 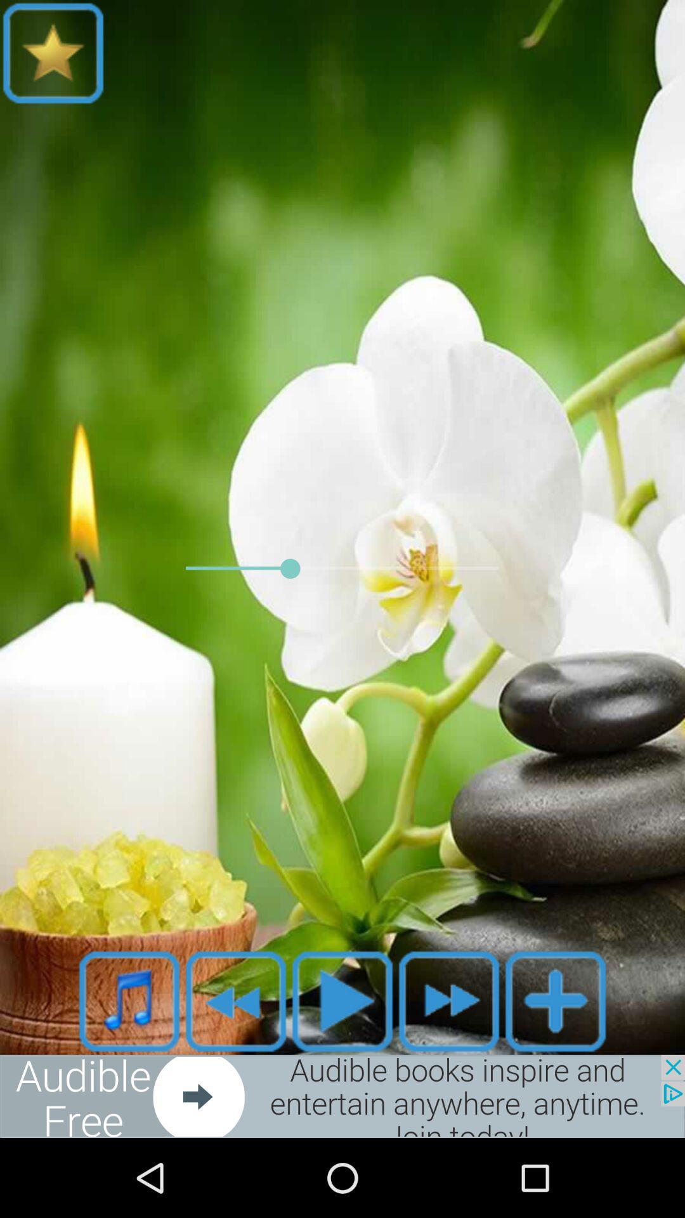 What do you see at coordinates (342, 1000) in the screenshot?
I see `option` at bounding box center [342, 1000].